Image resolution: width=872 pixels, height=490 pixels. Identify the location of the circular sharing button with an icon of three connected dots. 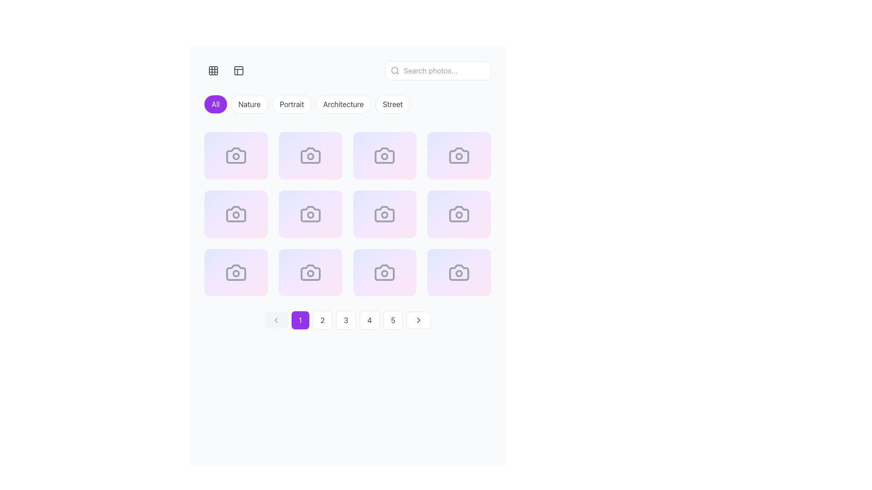
(314, 281).